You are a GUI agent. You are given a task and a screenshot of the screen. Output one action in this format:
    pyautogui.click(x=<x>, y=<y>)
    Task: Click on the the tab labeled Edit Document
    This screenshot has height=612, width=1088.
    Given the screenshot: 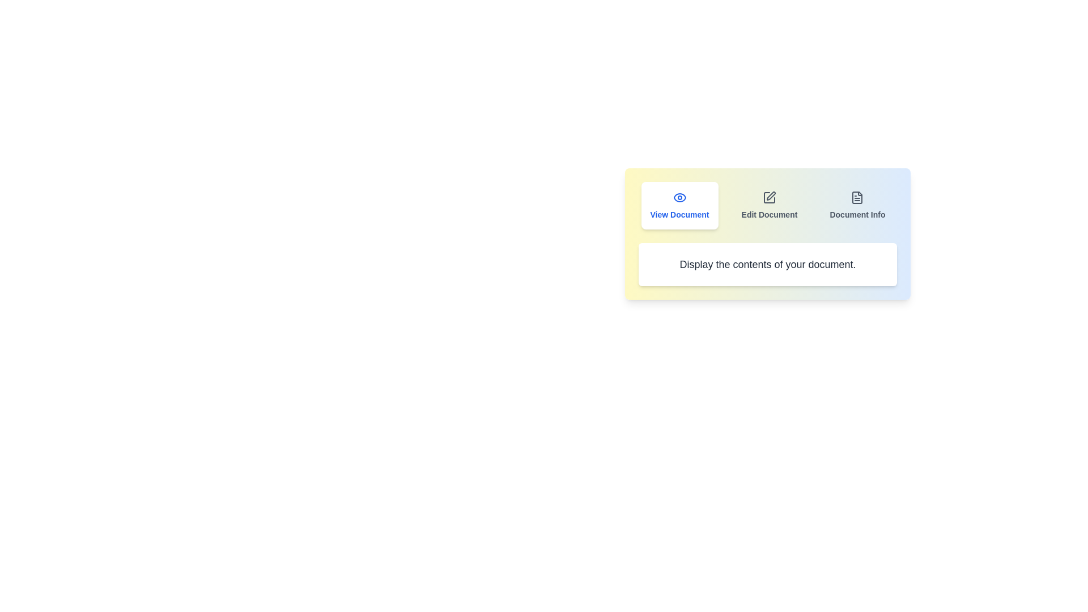 What is the action you would take?
    pyautogui.click(x=770, y=205)
    